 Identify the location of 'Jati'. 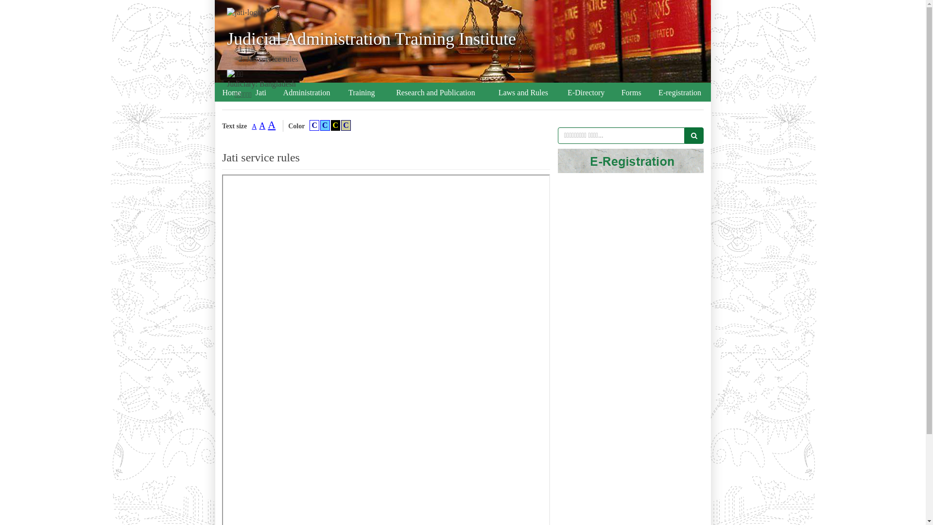
(261, 93).